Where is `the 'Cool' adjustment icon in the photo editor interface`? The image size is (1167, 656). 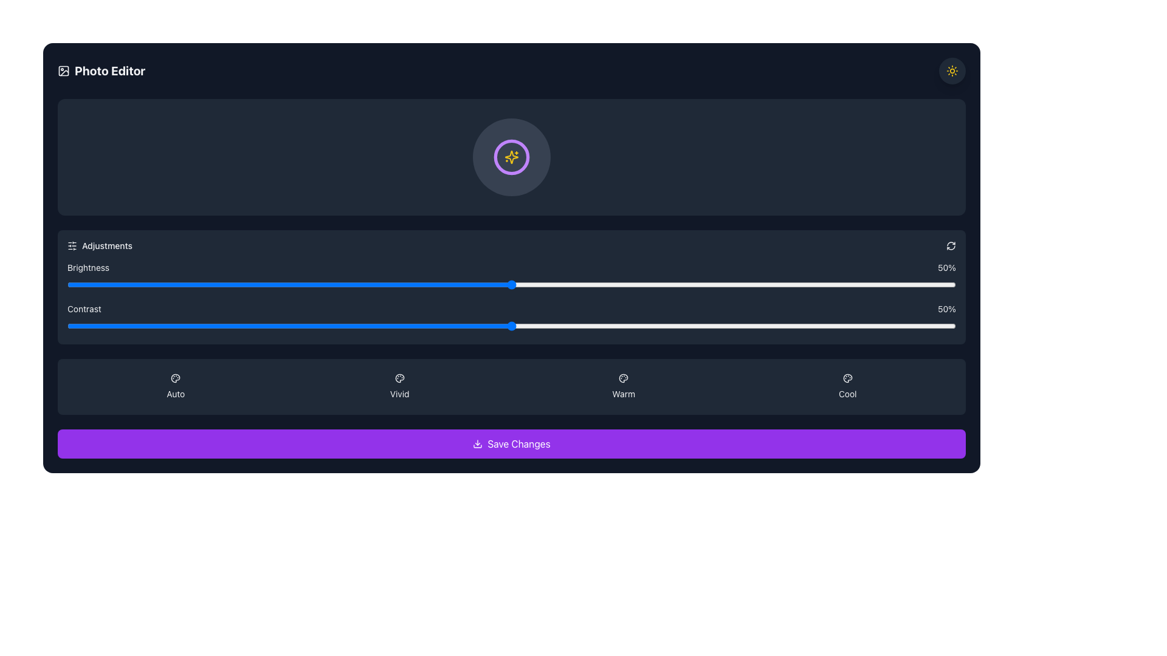
the 'Cool' adjustment icon in the photo editor interface is located at coordinates (847, 378).